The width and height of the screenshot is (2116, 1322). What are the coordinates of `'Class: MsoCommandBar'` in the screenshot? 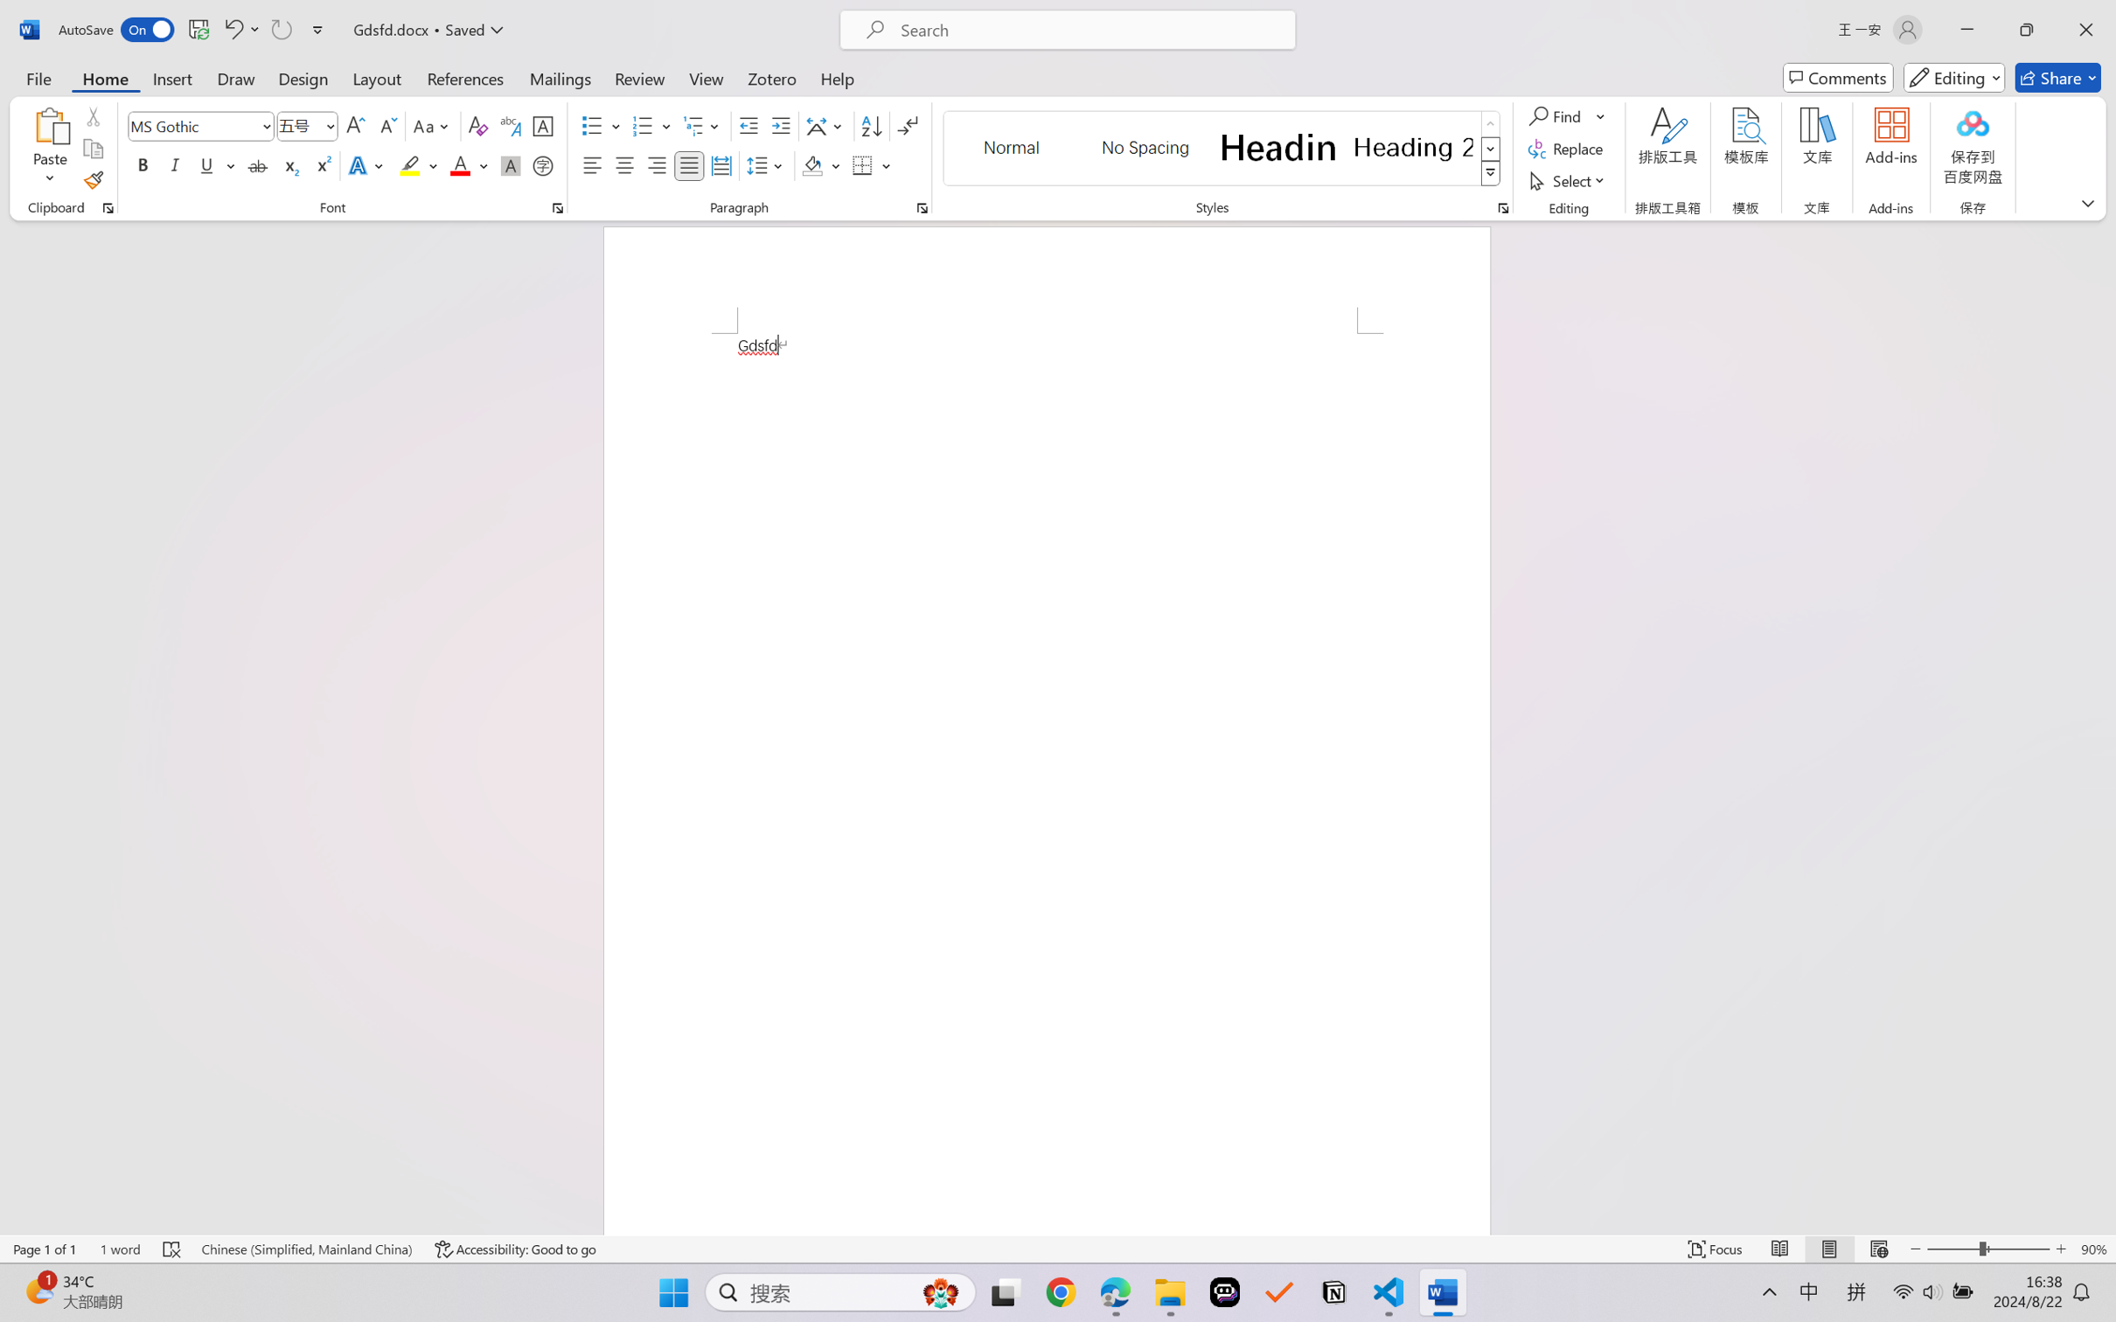 It's located at (1058, 1249).